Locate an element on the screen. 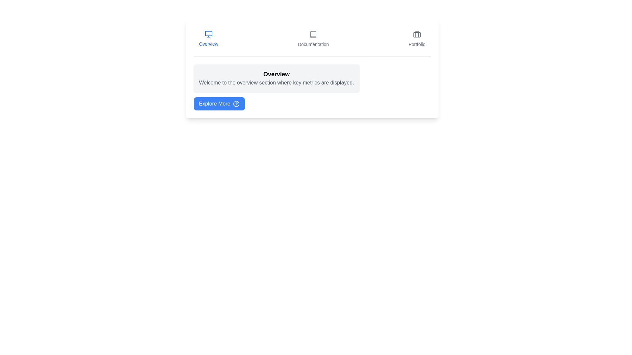 The image size is (632, 355). the Overview tab to view its content is located at coordinates (208, 39).